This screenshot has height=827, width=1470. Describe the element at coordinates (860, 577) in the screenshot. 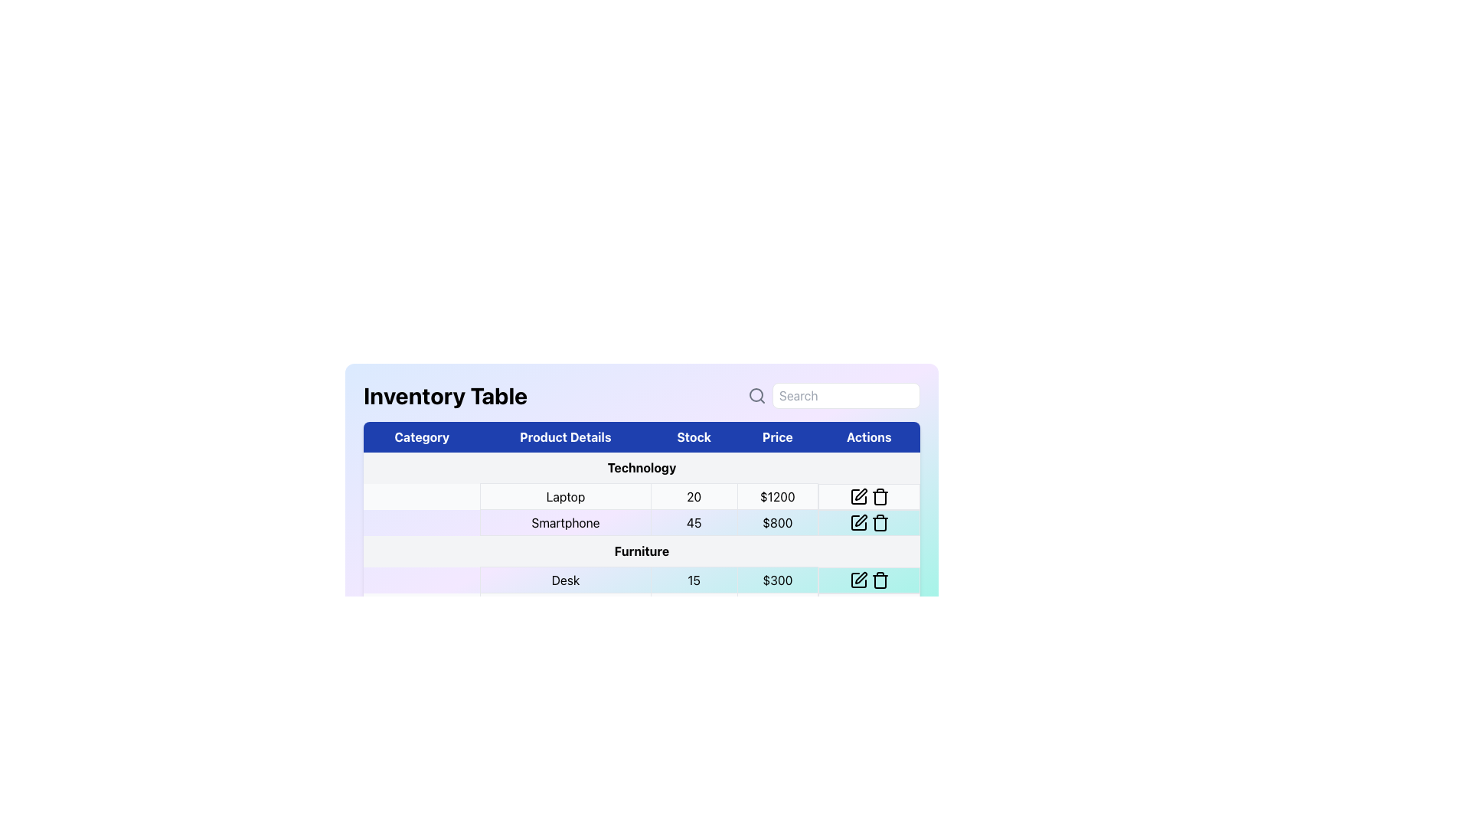

I see `the Edit button located in the Actions column of the last row in the table, corresponding to the Desk item under the Furniture category, to initiate editing functionality` at that location.